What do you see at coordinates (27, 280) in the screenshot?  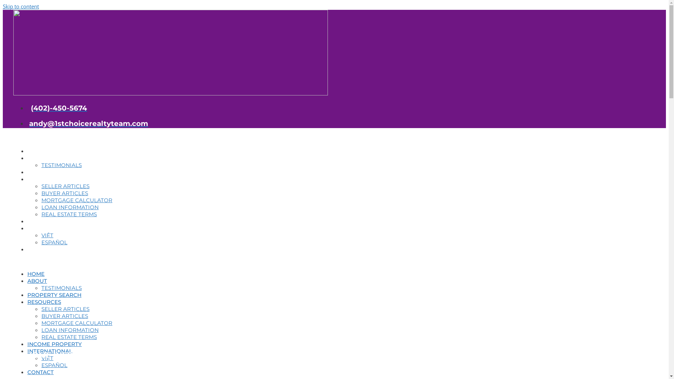 I see `'ABOUT'` at bounding box center [27, 280].